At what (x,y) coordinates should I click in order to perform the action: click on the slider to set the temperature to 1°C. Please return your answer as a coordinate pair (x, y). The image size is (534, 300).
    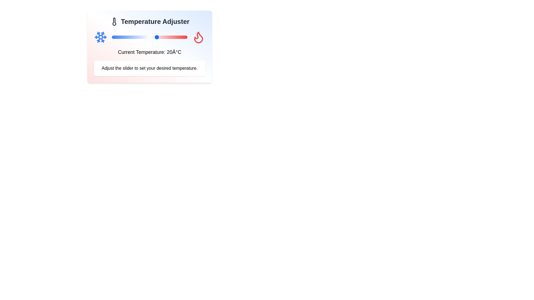
    Looking at the image, I should click on (128, 37).